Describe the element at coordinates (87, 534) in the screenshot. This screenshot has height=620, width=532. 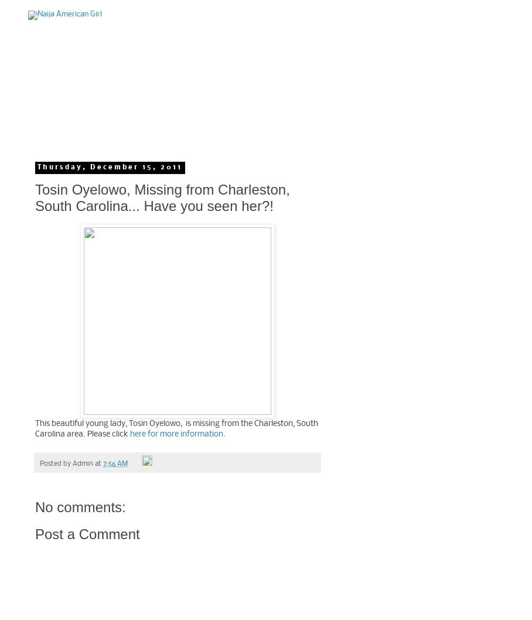
I see `'Post a Comment'` at that location.